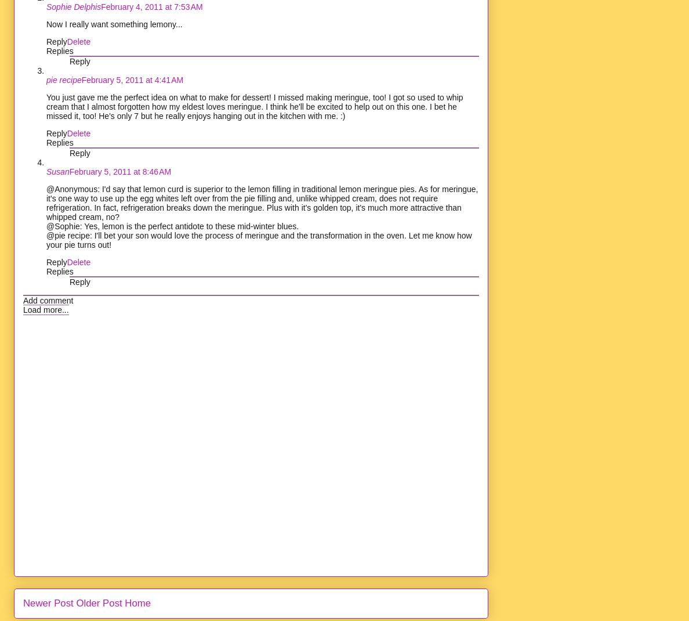 Image resolution: width=689 pixels, height=621 pixels. What do you see at coordinates (131, 79) in the screenshot?
I see `'February 5, 2011 at 4:41 AM'` at bounding box center [131, 79].